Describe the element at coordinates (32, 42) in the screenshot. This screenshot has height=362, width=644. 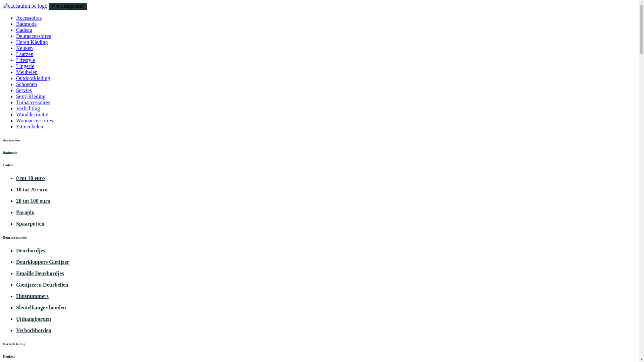
I see `'Heren Kleding'` at that location.